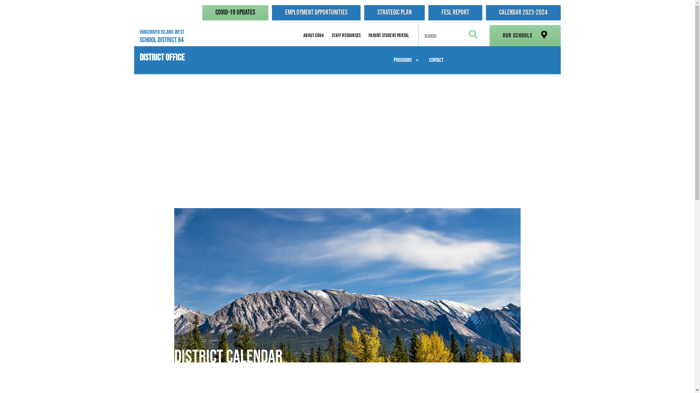  Describe the element at coordinates (455, 12) in the screenshot. I see `'FESL REPORT'` at that location.